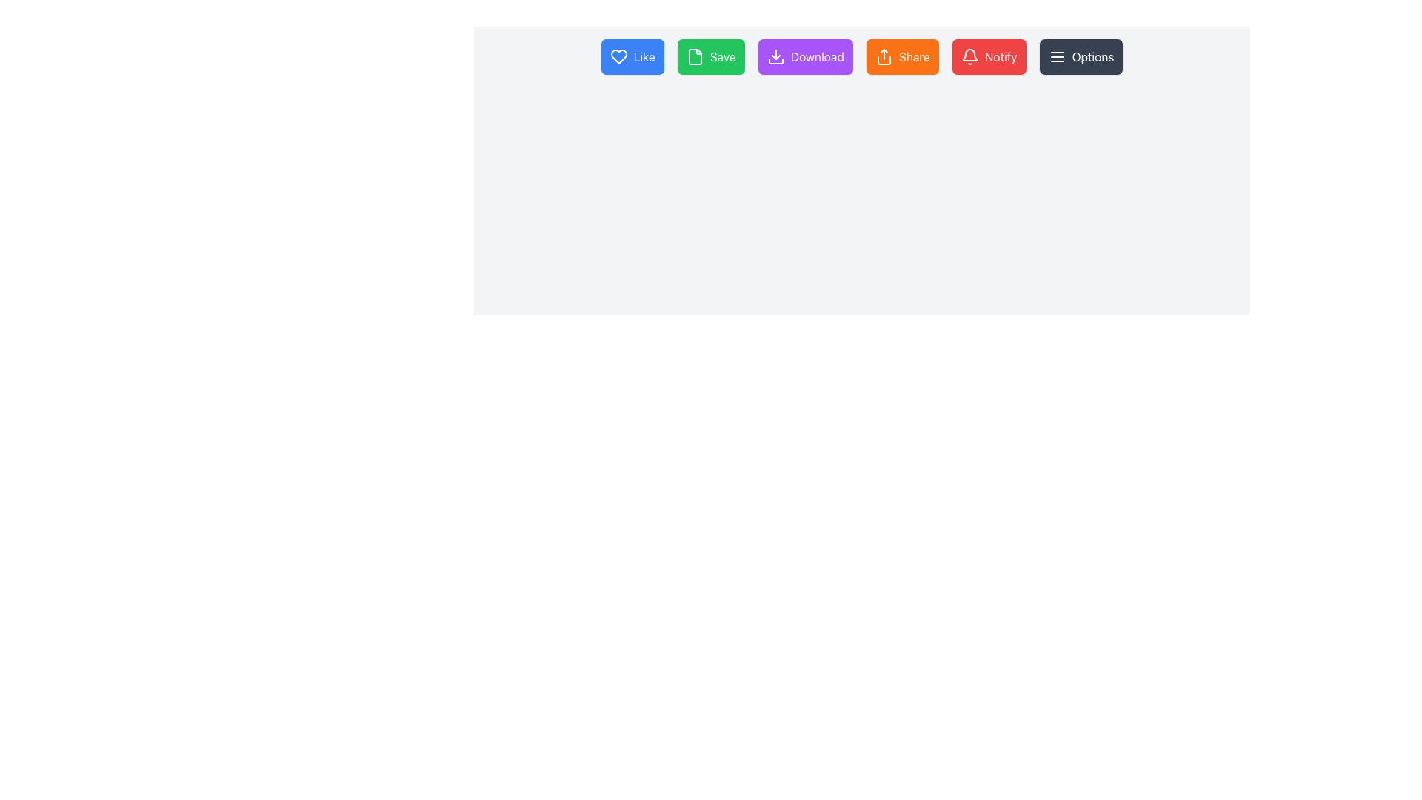  I want to click on the save button, positioned as the second button from the left, to change its color to a darker green, so click(711, 56).